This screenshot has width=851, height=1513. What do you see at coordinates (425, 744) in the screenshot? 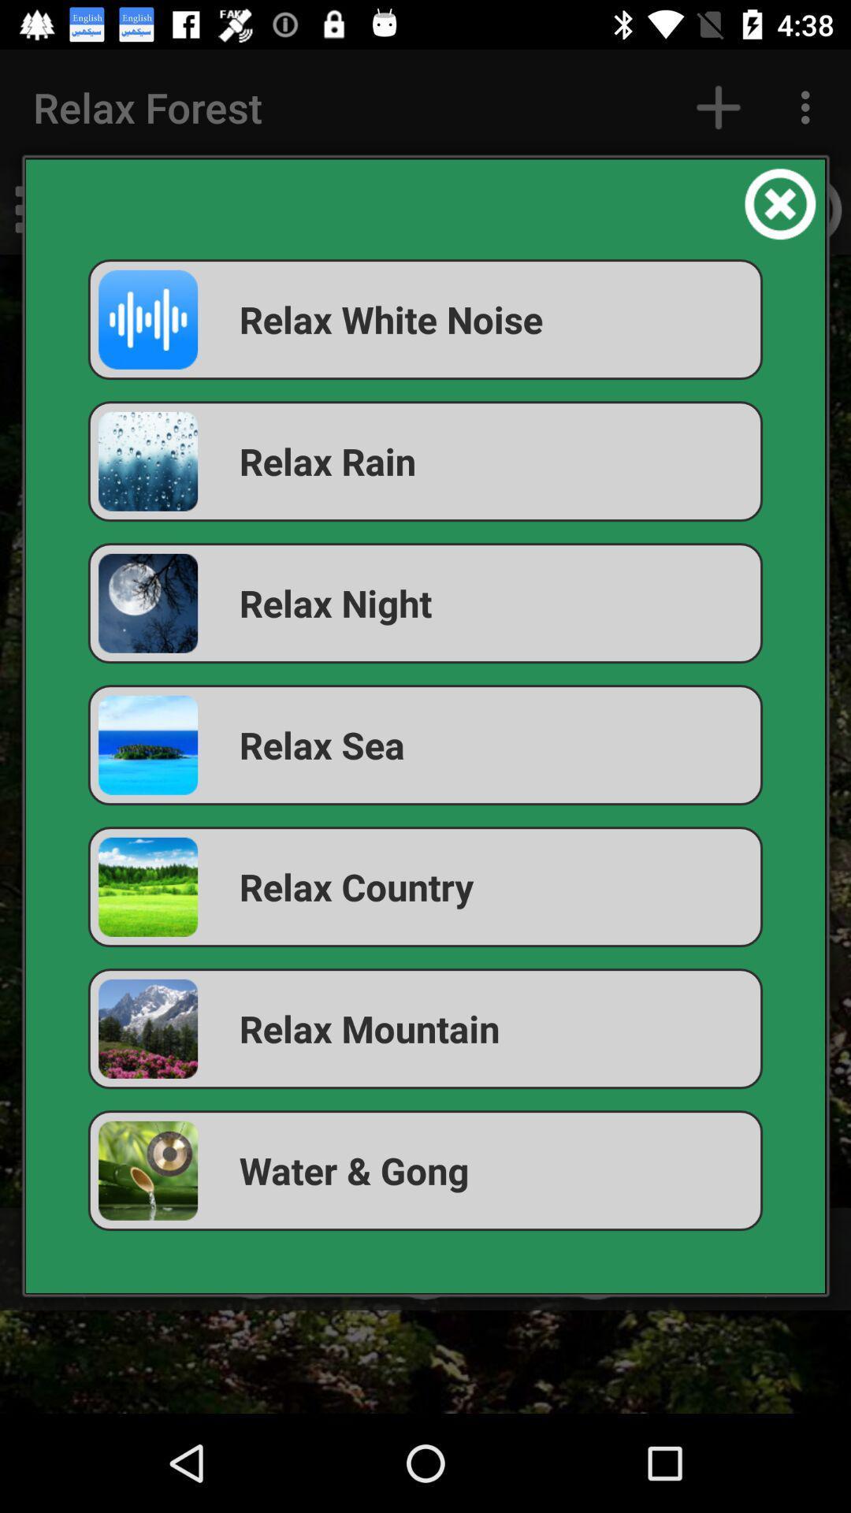
I see `item below the relax night icon` at bounding box center [425, 744].